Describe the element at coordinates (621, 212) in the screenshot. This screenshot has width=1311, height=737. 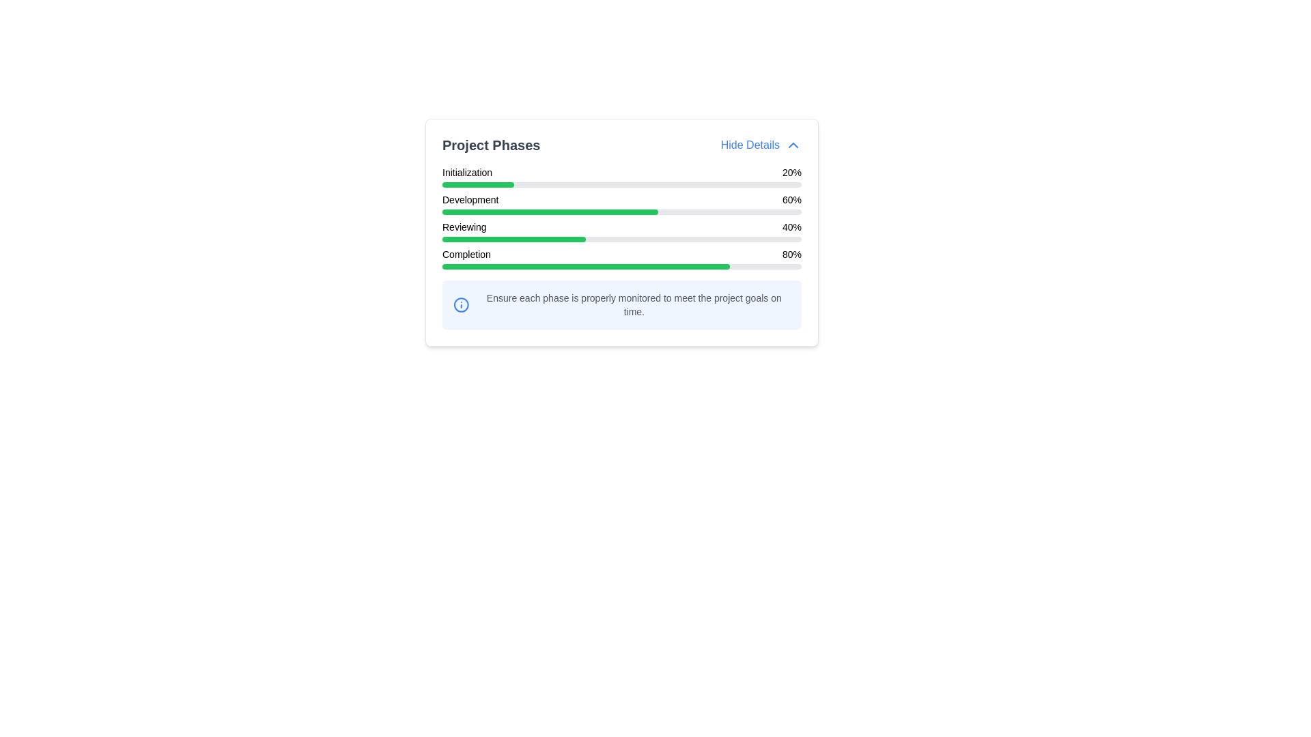
I see `the horizontal progress bar representing the 'Development' phase, which has a green filled portion and is located under the 'Development' label` at that location.